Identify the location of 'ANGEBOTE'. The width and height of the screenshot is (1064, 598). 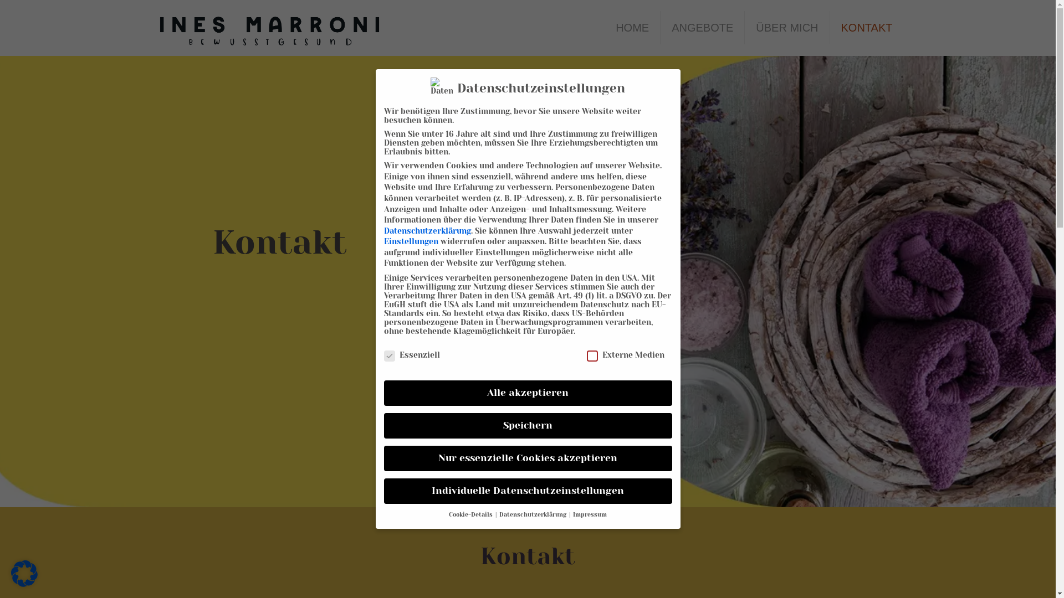
(702, 27).